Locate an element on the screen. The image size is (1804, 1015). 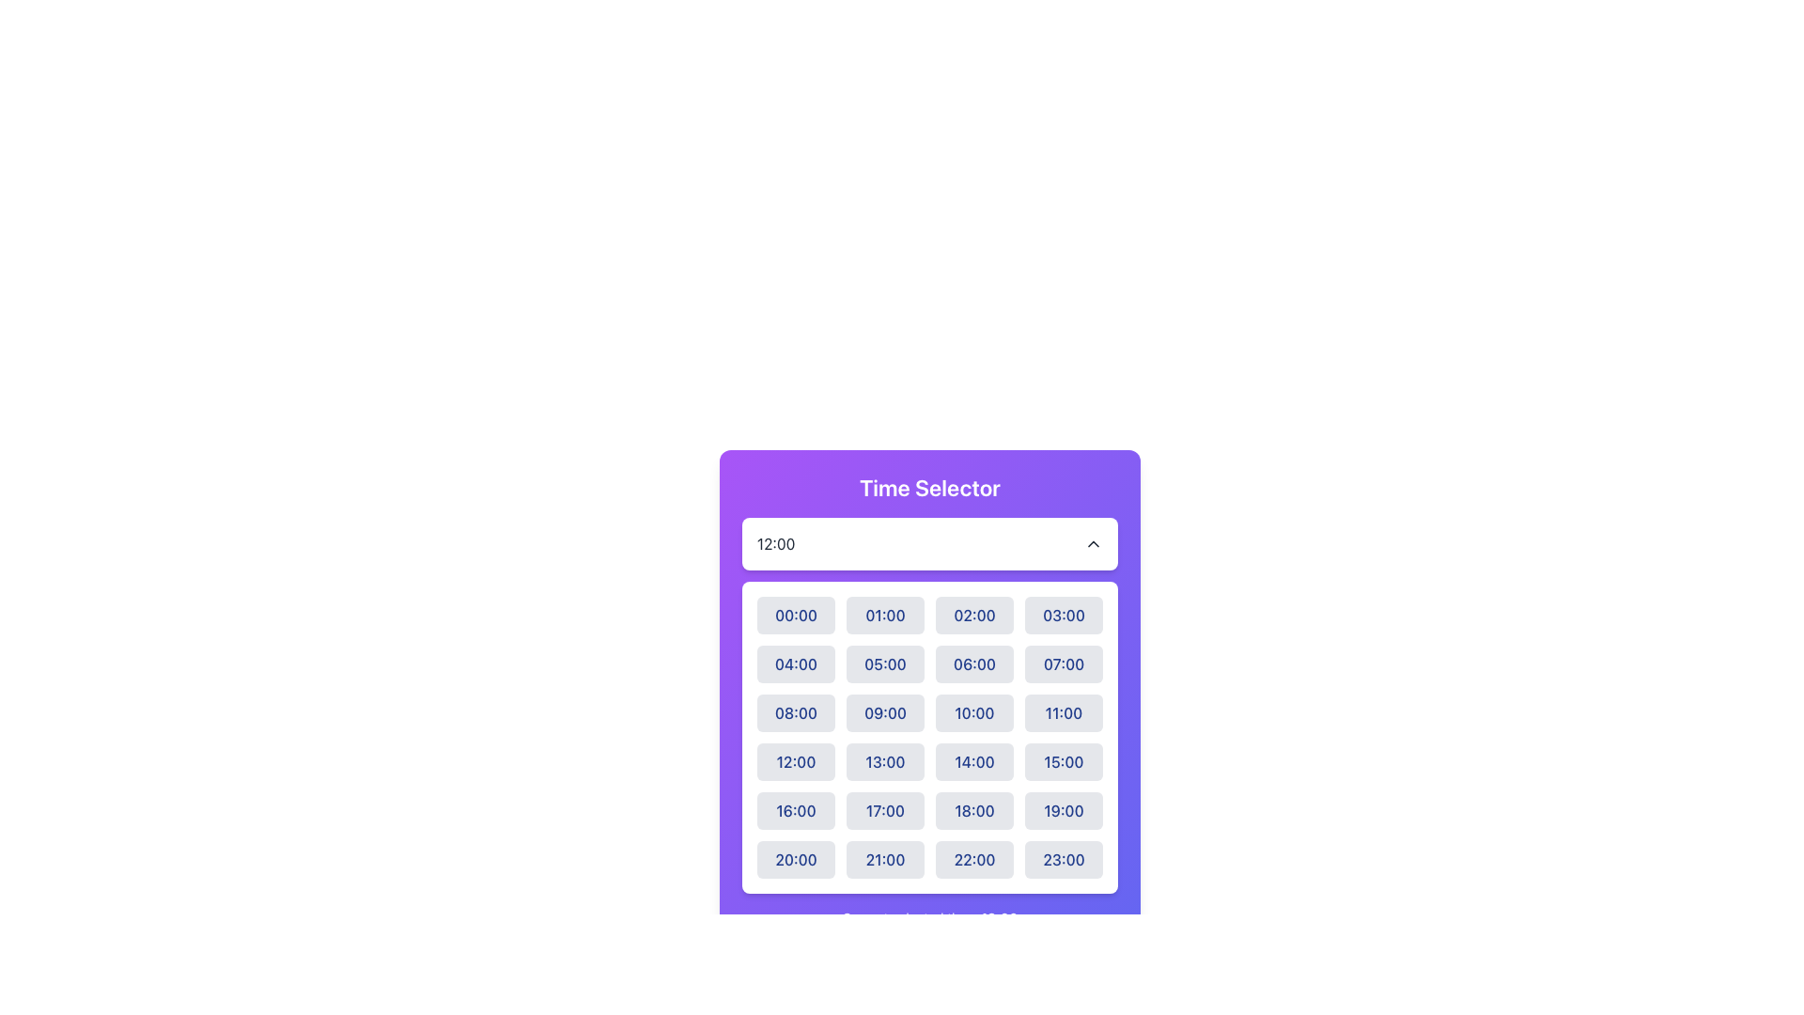
the button labeled '10:00', which is a rectangular button with rounded corners and a light gray background, located in the third row and third column of the grid is located at coordinates (974, 713).